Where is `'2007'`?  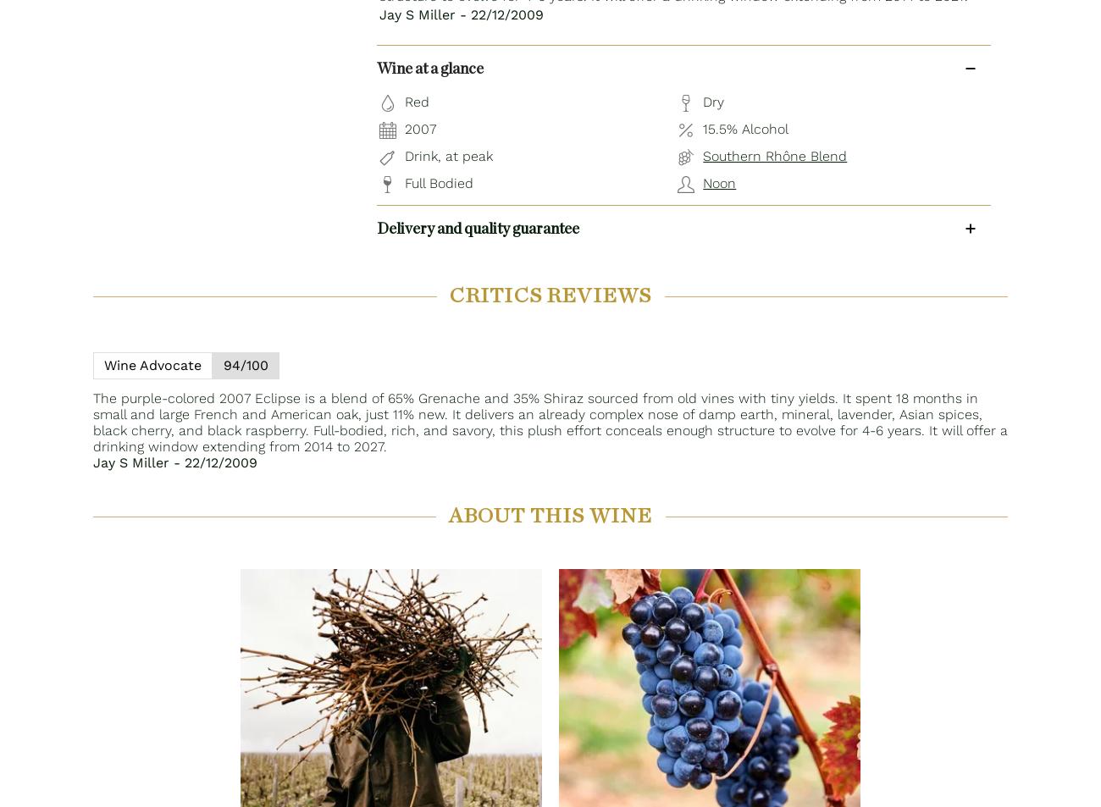 '2007' is located at coordinates (420, 127).